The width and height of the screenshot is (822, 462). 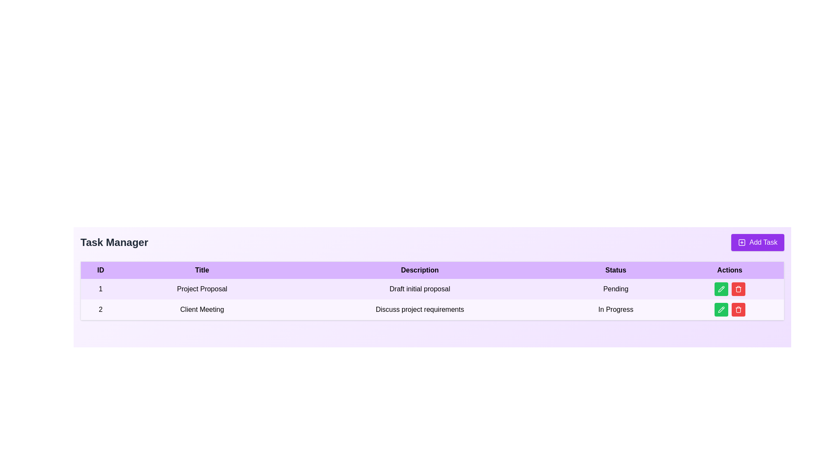 What do you see at coordinates (432, 310) in the screenshot?
I see `the second row of the task manager table` at bounding box center [432, 310].